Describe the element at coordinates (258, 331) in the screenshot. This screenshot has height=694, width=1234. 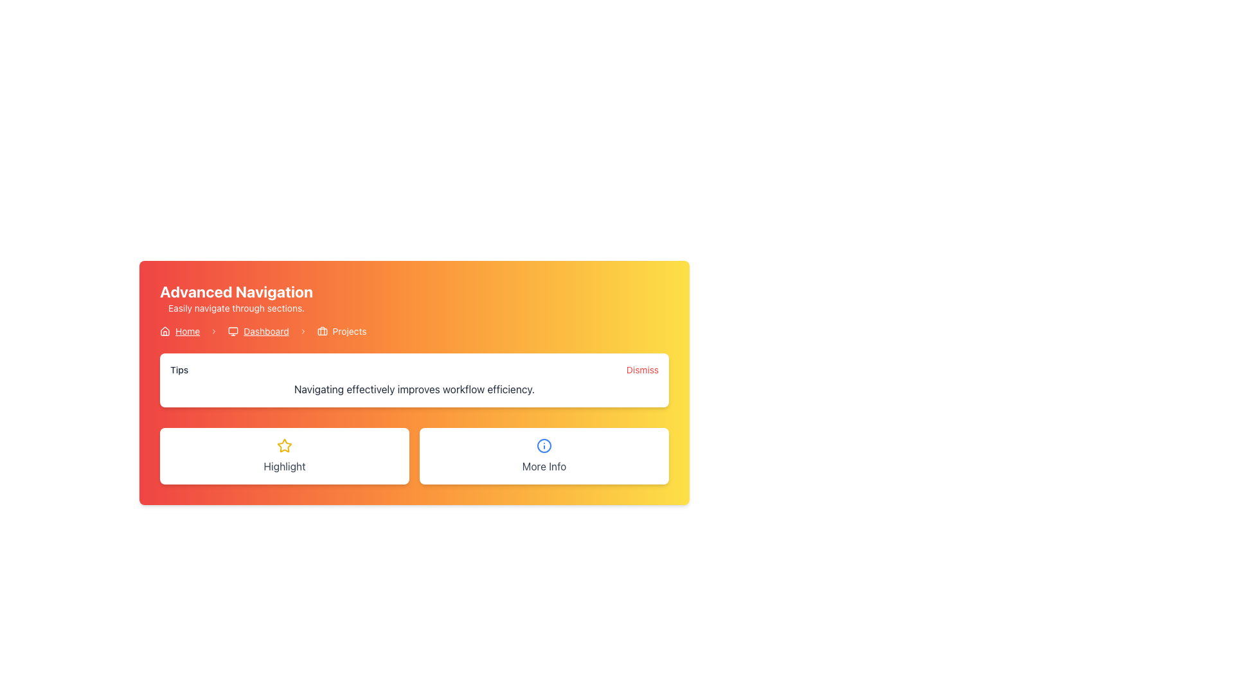
I see `the clickable link with an icon and text located in the breadcrumb navigation, positioned between the 'Home' and 'Projects' links` at that location.